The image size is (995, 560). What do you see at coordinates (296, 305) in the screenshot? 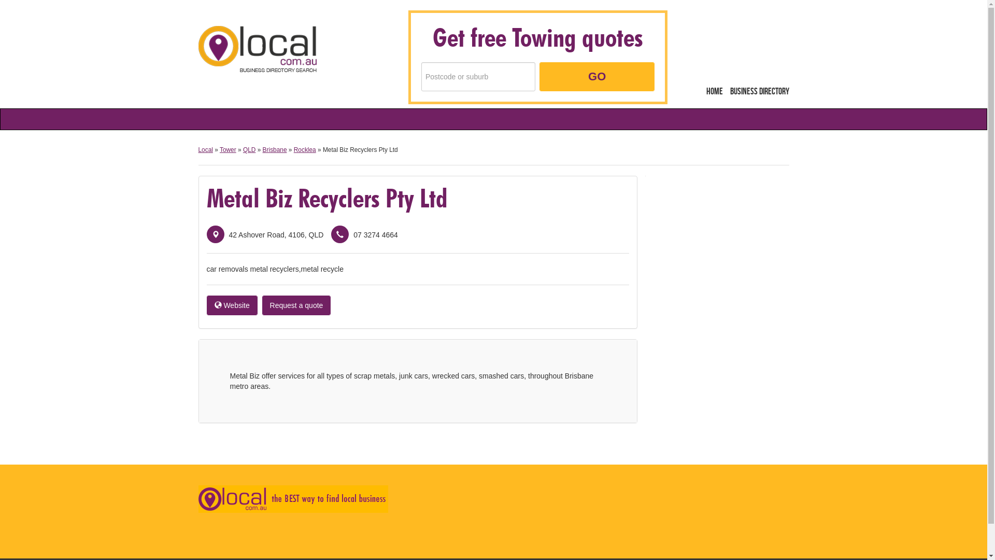
I see `'Request a quote'` at bounding box center [296, 305].